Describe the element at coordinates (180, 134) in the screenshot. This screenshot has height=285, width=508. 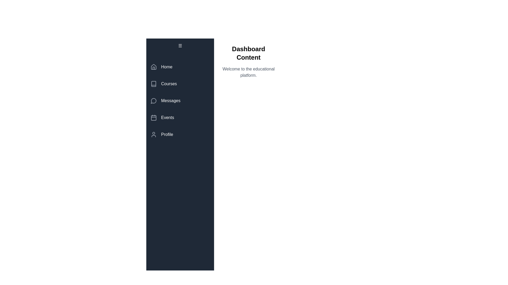
I see `the menu item labeled Profile to observe visual feedback` at that location.